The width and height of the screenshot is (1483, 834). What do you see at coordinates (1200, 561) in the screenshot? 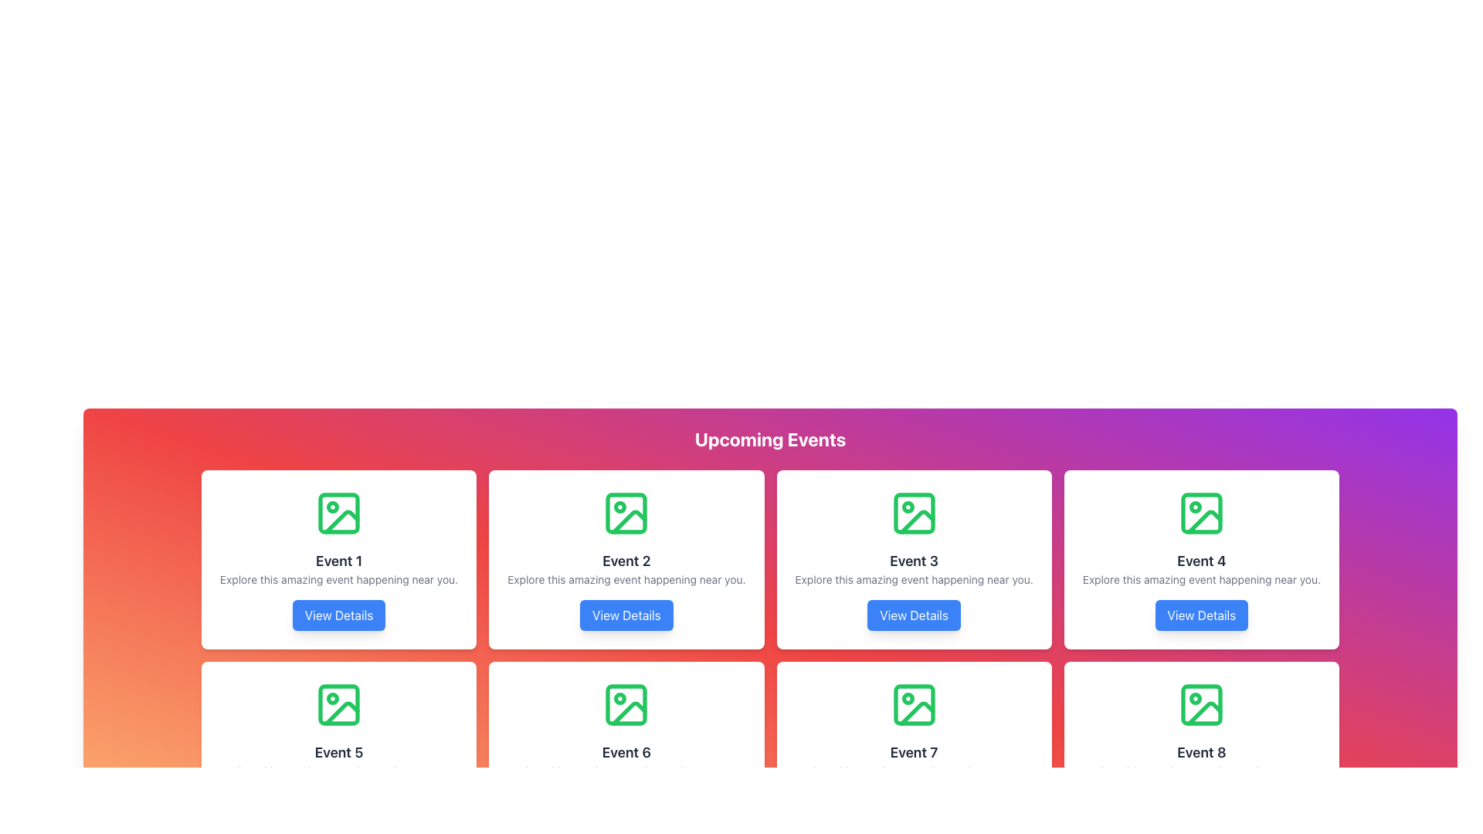
I see `event title from the text label located in the fourth card of the grid, positioned above the description text and below the event image` at bounding box center [1200, 561].